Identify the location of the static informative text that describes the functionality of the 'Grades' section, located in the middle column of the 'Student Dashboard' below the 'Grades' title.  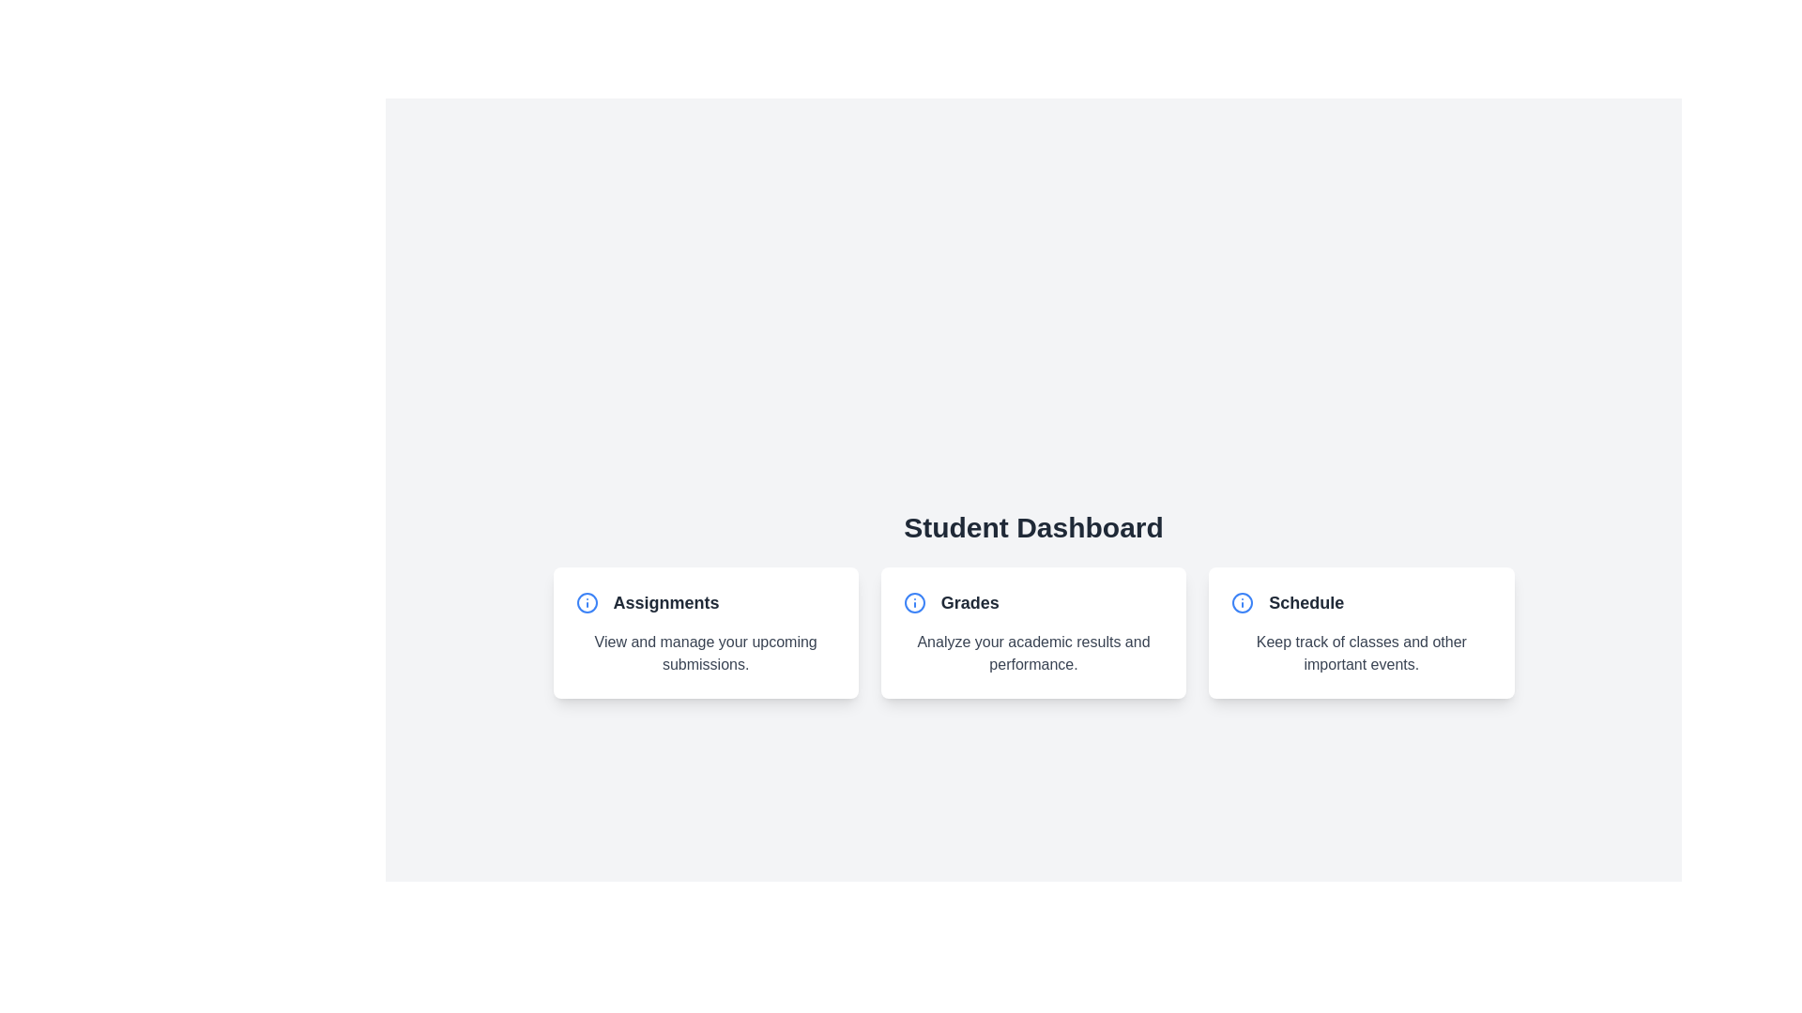
(1032, 653).